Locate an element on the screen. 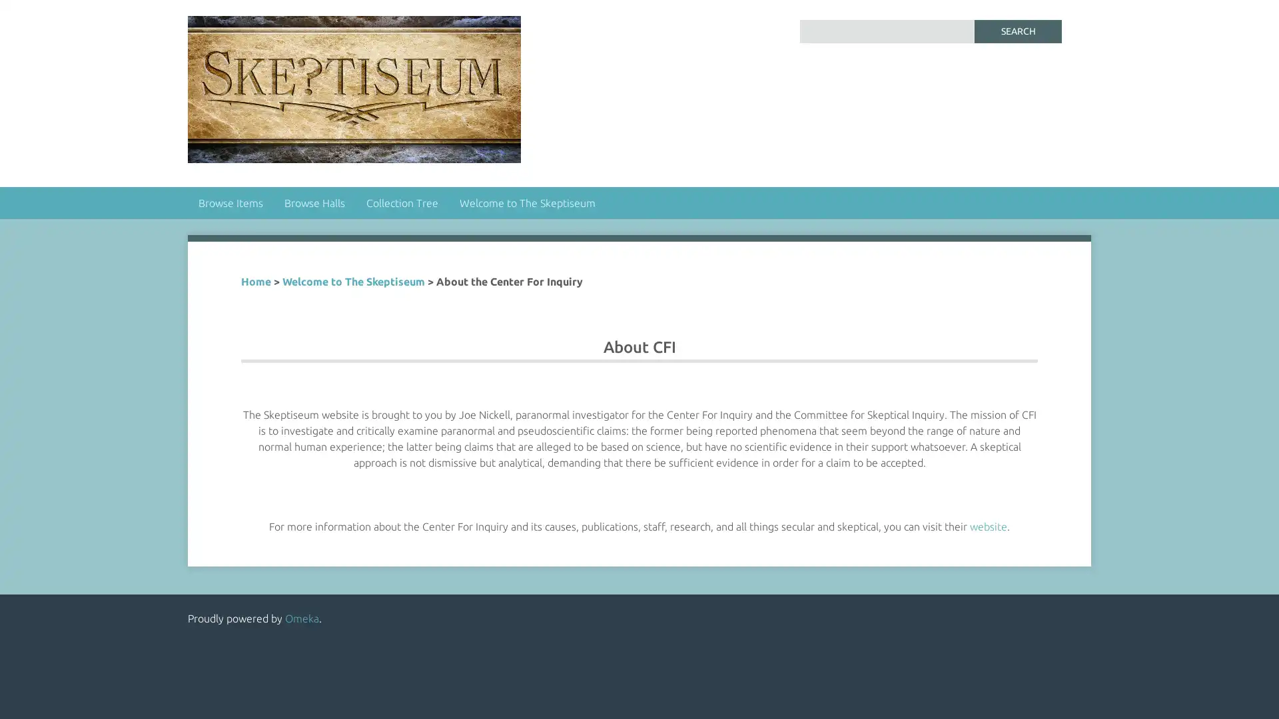 The height and width of the screenshot is (719, 1279). Search is located at coordinates (1017, 31).